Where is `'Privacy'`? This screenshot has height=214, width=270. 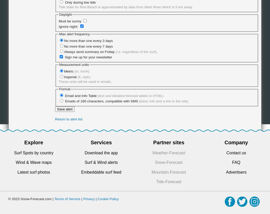 'Privacy' is located at coordinates (88, 199).